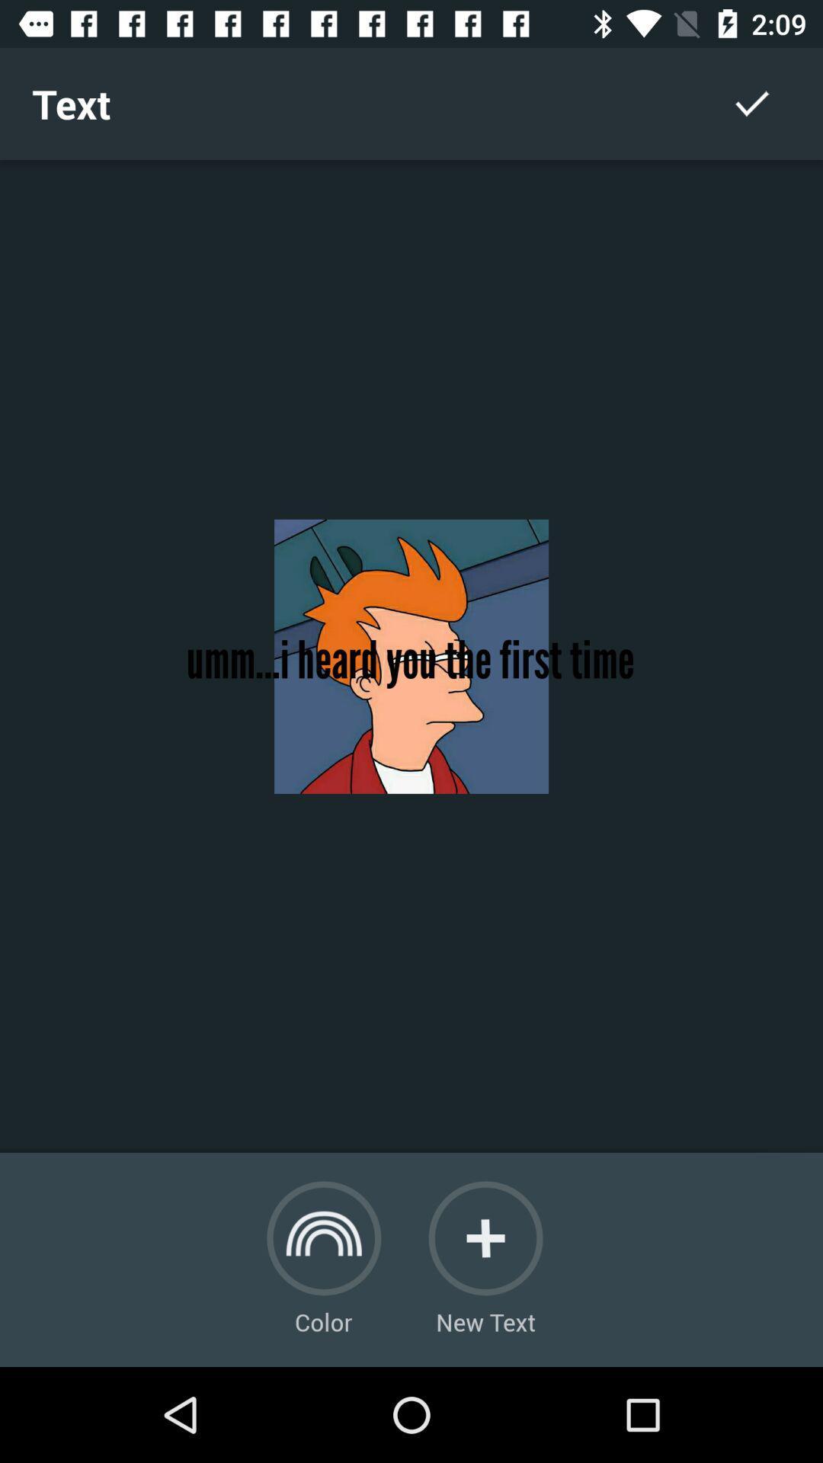  I want to click on color change option, so click(323, 1238).